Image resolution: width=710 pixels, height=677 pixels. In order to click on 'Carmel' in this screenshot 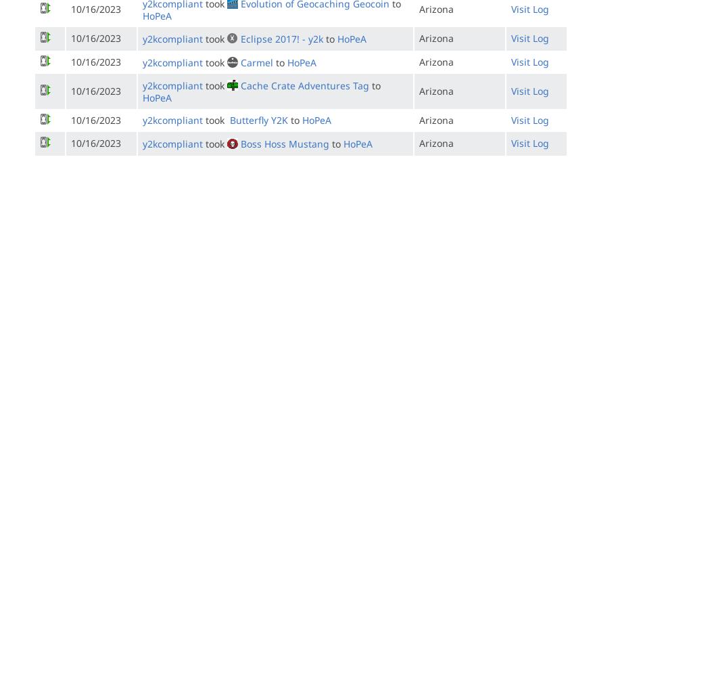, I will do `click(256, 61)`.